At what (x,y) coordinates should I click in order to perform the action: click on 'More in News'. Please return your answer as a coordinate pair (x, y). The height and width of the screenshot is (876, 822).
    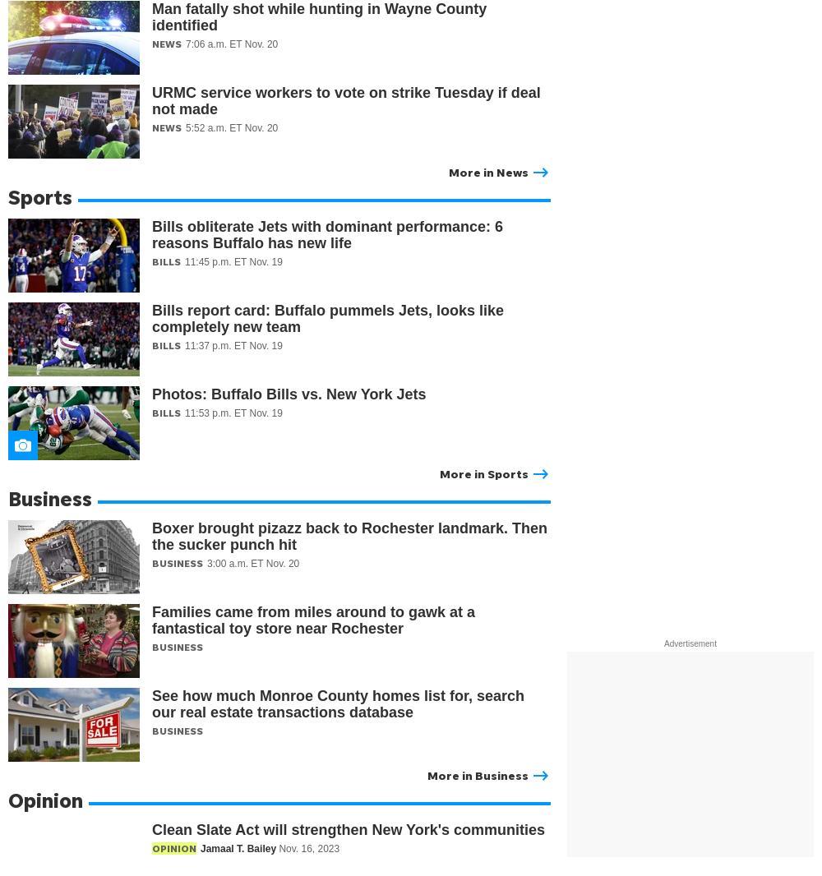
    Looking at the image, I should click on (487, 171).